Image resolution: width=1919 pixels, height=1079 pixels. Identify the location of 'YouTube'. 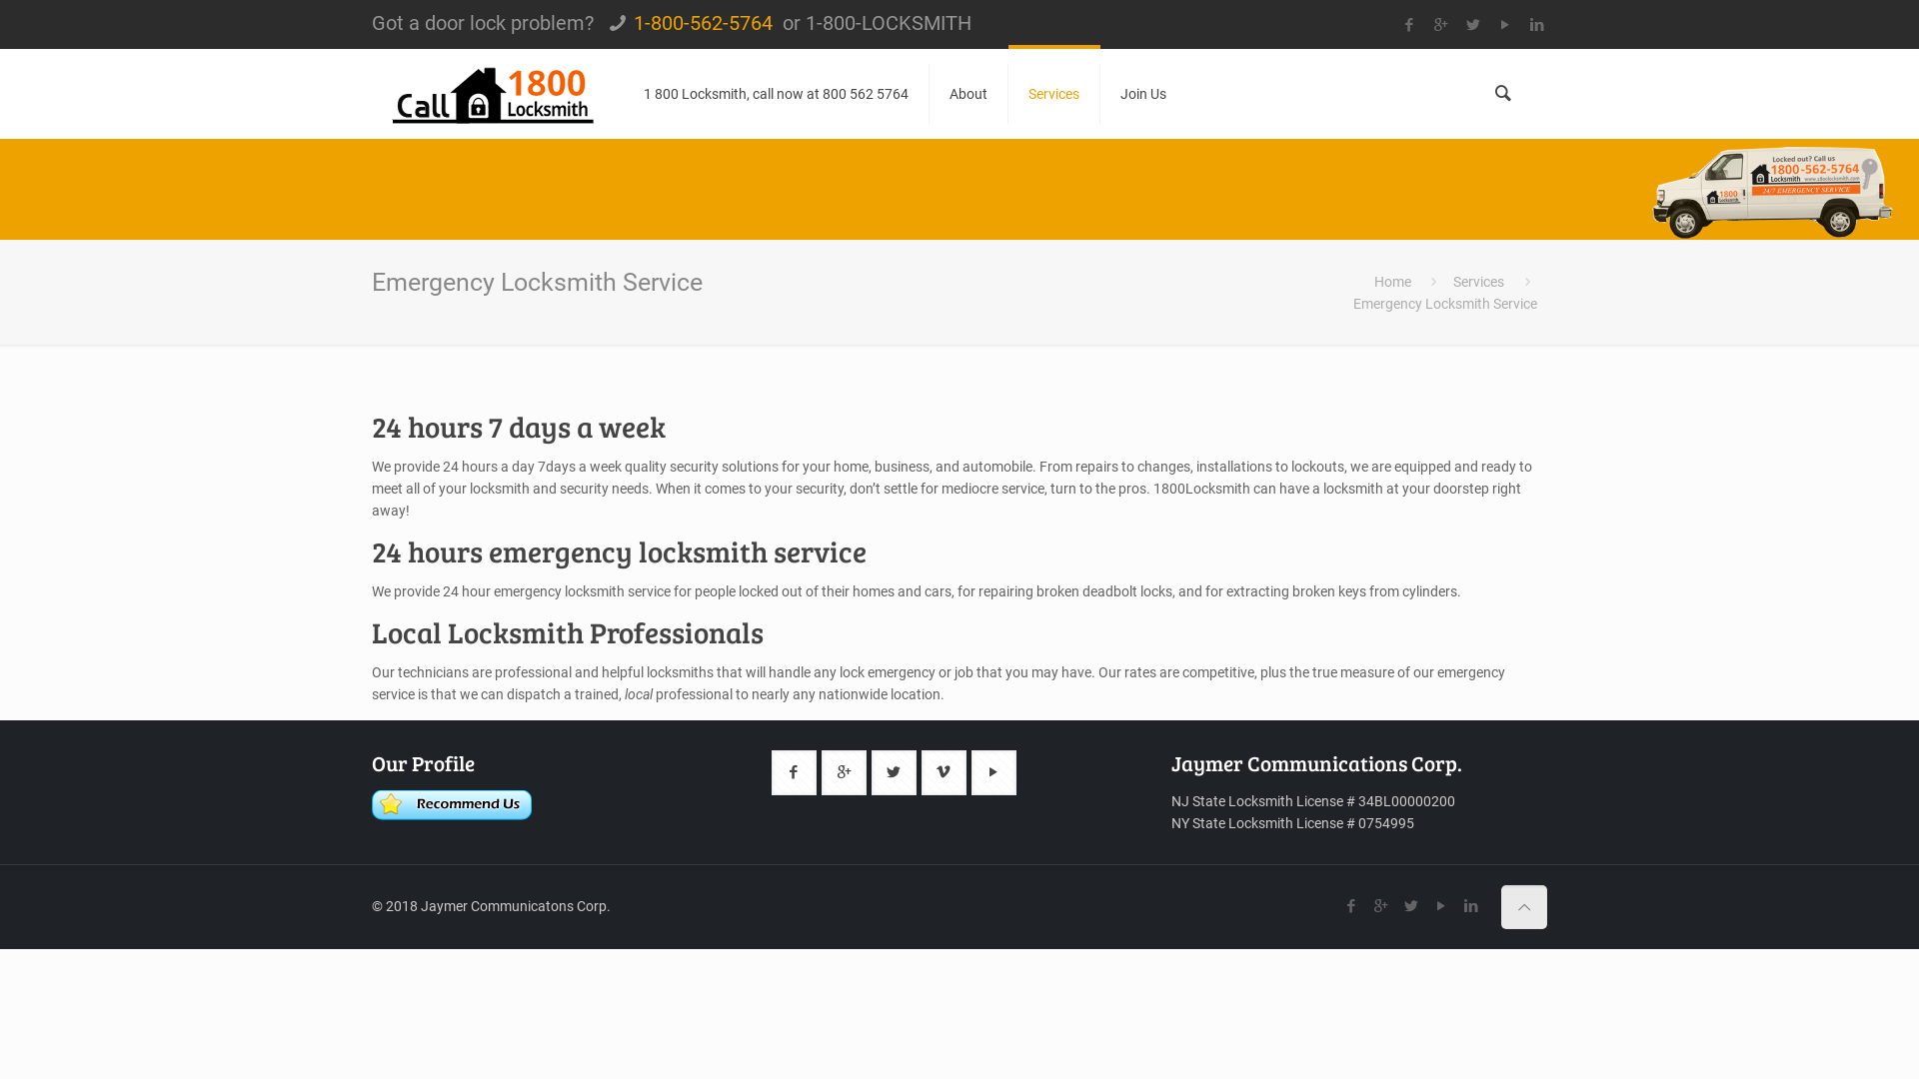
(1440, 905).